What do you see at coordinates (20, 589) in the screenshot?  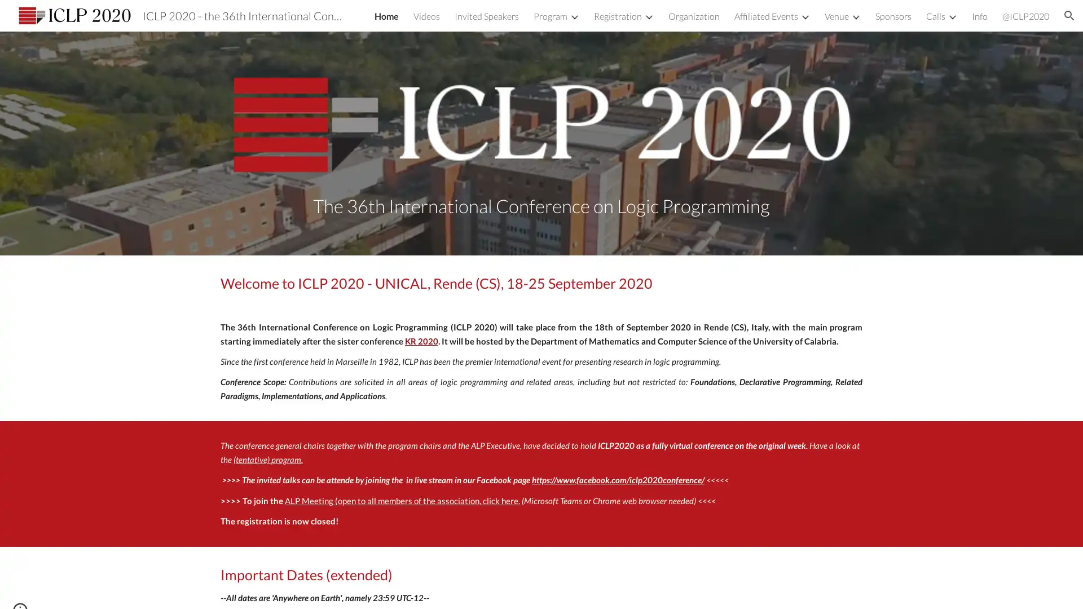 I see `Site actions` at bounding box center [20, 589].